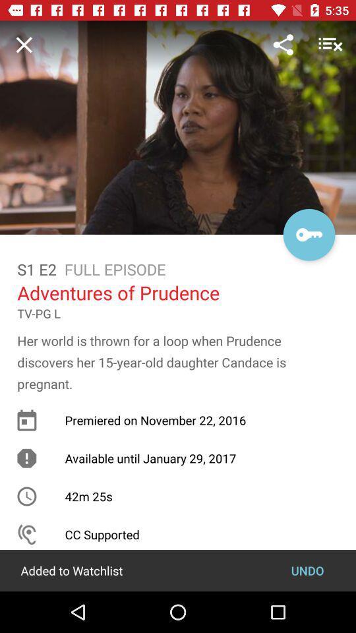 This screenshot has height=633, width=356. Describe the element at coordinates (307, 570) in the screenshot. I see `item to the right of added to watchlist icon` at that location.